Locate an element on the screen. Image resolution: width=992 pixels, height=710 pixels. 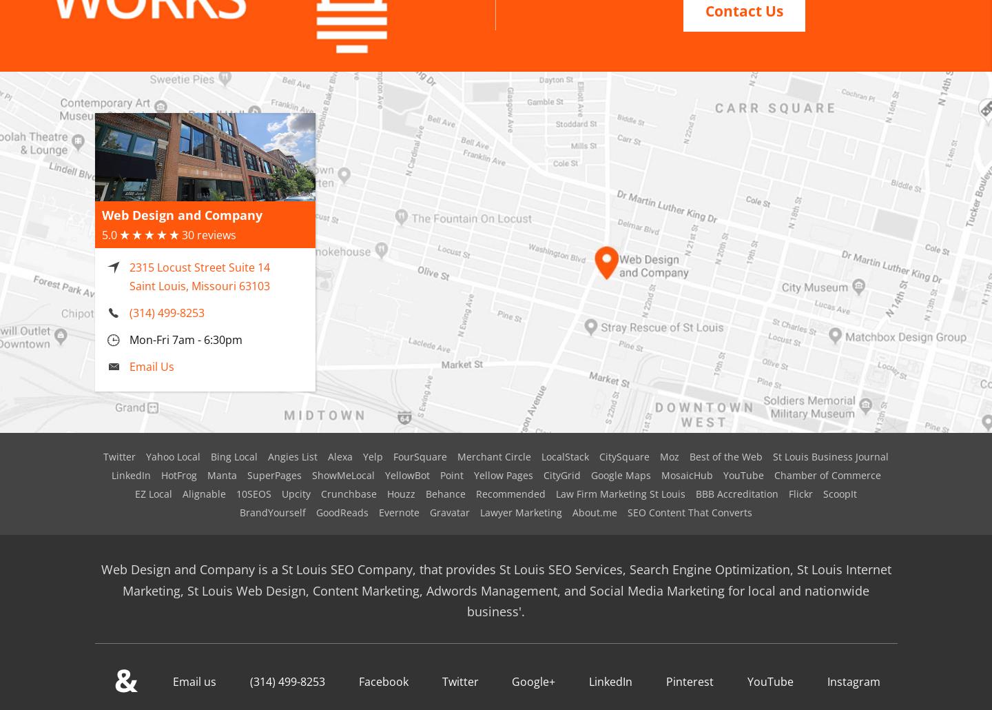
'Bing Local' is located at coordinates (234, 438).